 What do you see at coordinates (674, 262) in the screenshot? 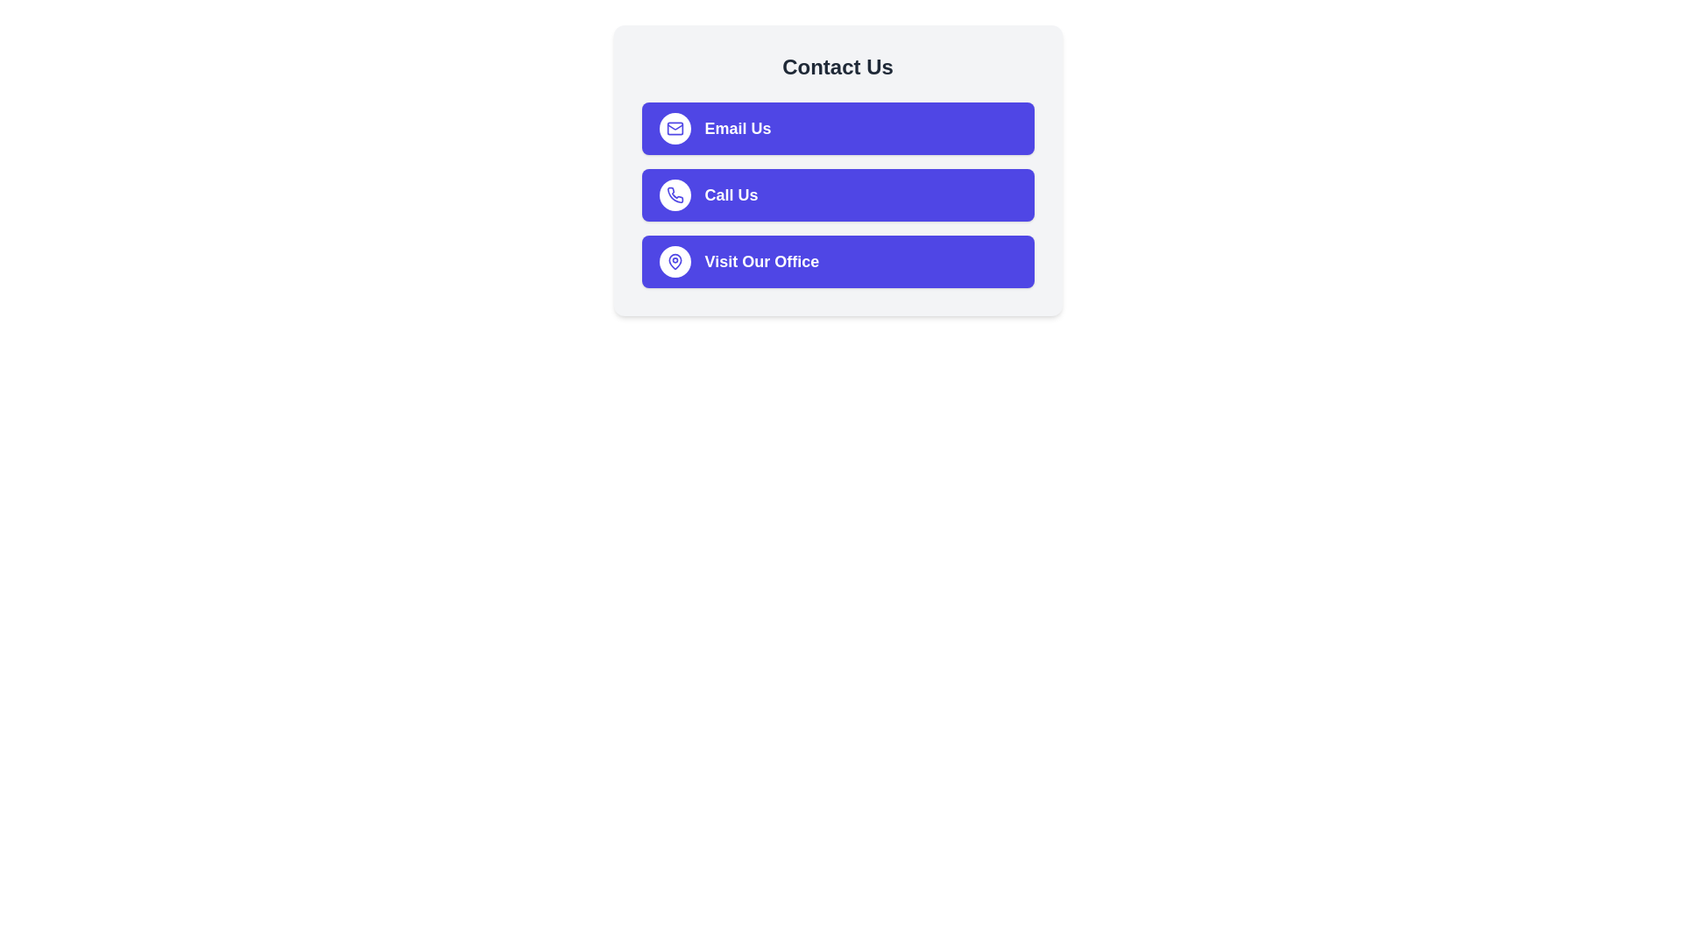
I see `the purple map pin icon, which is the third button in the vertically stacked list of three buttons within the 'Visit Our Office' section of the 'Contact Us' interface` at bounding box center [674, 262].